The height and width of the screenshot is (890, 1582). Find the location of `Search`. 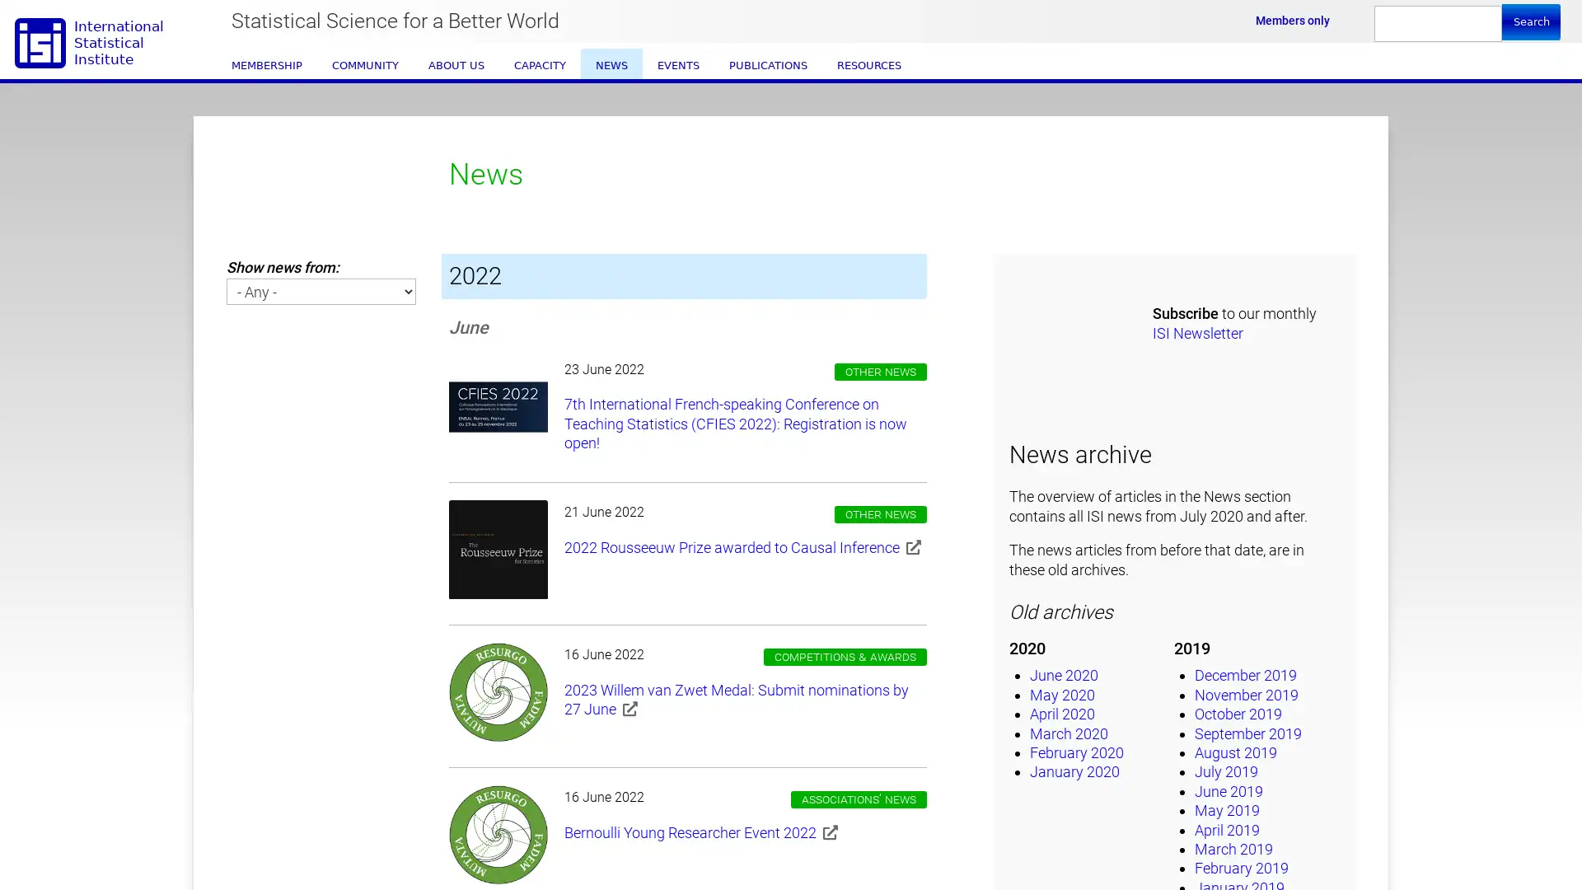

Search is located at coordinates (1529, 21).